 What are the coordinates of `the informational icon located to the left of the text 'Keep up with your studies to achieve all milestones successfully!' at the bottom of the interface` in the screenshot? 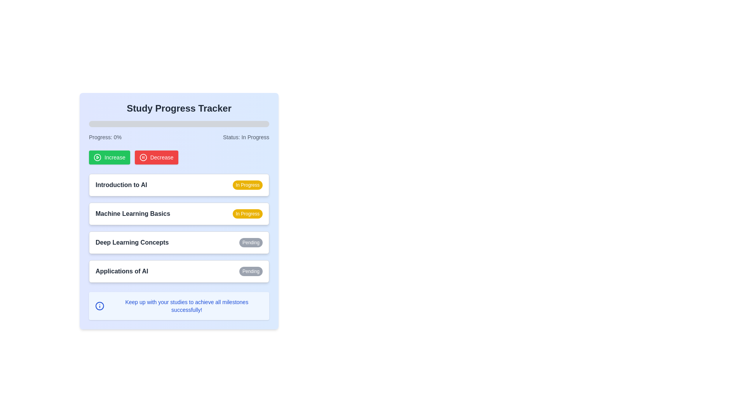 It's located at (99, 305).